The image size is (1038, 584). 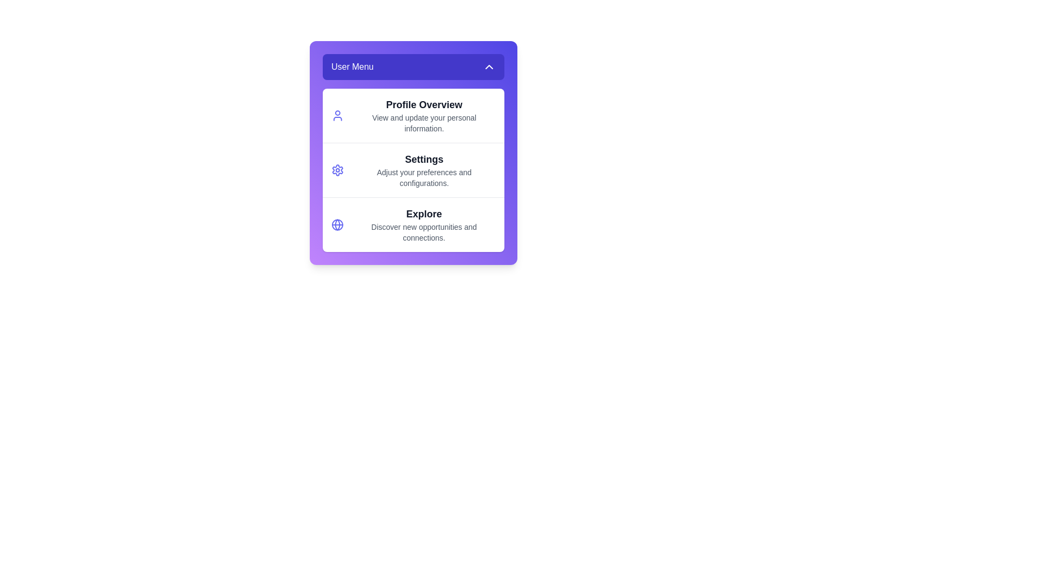 What do you see at coordinates (337, 170) in the screenshot?
I see `the settings icon located within the 'Settings' row of the user menu, which serves as a visual indicator for accessing settings` at bounding box center [337, 170].